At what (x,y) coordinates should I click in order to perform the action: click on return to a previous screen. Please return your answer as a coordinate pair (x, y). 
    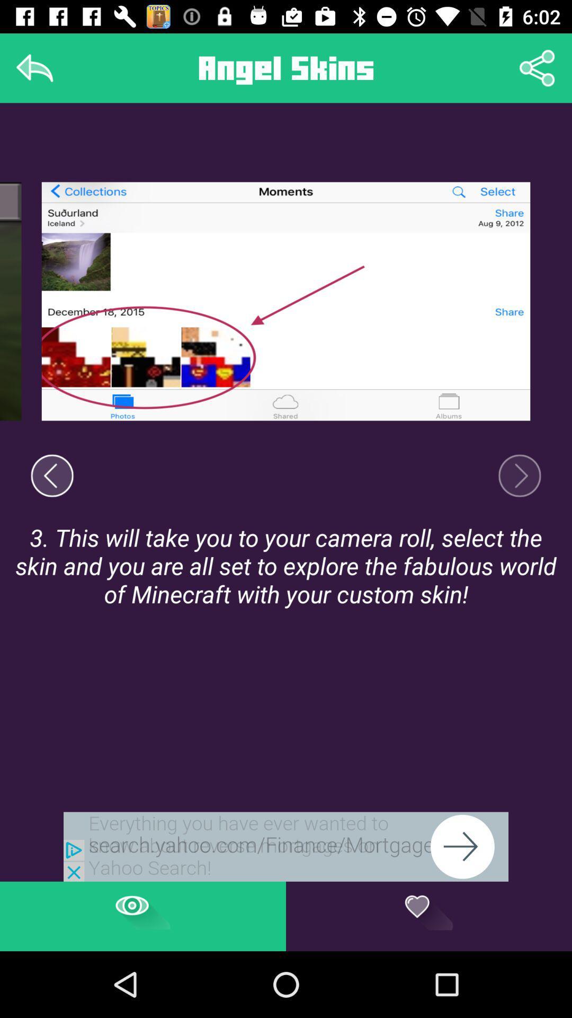
    Looking at the image, I should click on (52, 475).